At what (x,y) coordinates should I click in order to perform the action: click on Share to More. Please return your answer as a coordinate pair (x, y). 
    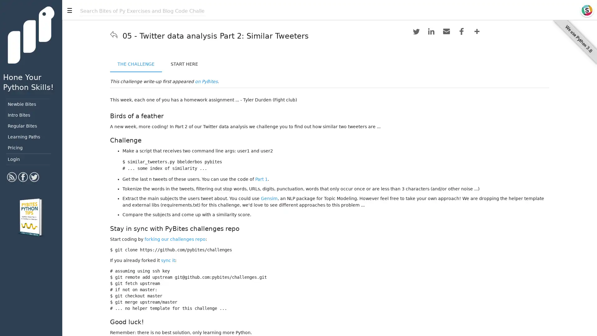
    Looking at the image, I should click on (473, 31).